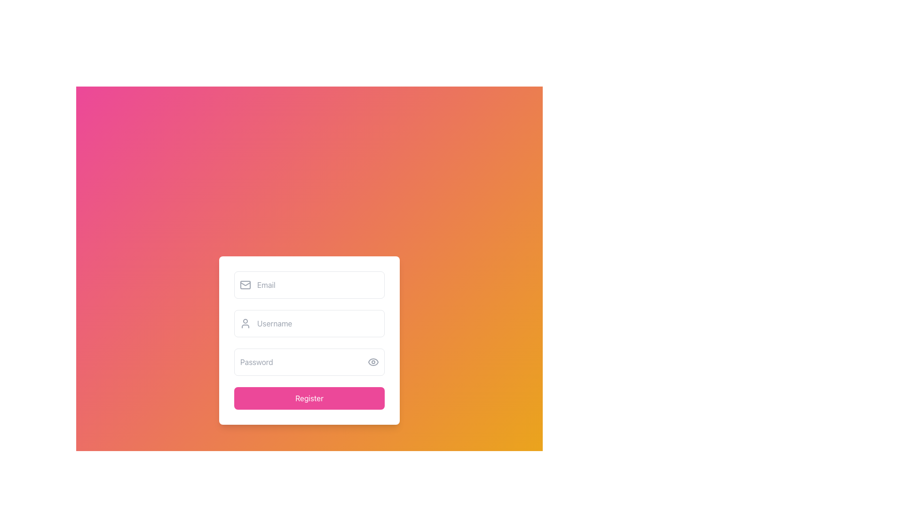  Describe the element at coordinates (246, 323) in the screenshot. I see `the user icon, which is a gray minimalist design resembling a user symbol, located to the left of the username input field` at that location.